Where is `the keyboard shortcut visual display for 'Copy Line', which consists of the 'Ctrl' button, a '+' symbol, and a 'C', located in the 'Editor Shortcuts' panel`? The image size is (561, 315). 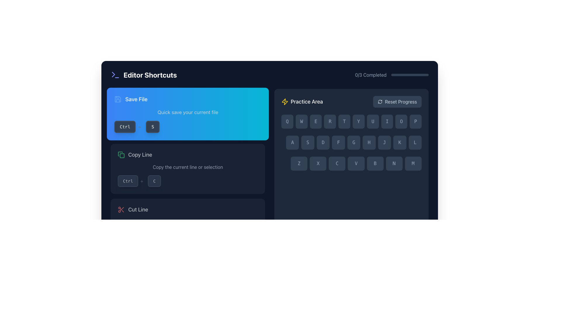
the keyboard shortcut visual display for 'Copy Line', which consists of the 'Ctrl' button, a '+' symbol, and a 'C', located in the 'Editor Shortcuts' panel is located at coordinates (188, 181).